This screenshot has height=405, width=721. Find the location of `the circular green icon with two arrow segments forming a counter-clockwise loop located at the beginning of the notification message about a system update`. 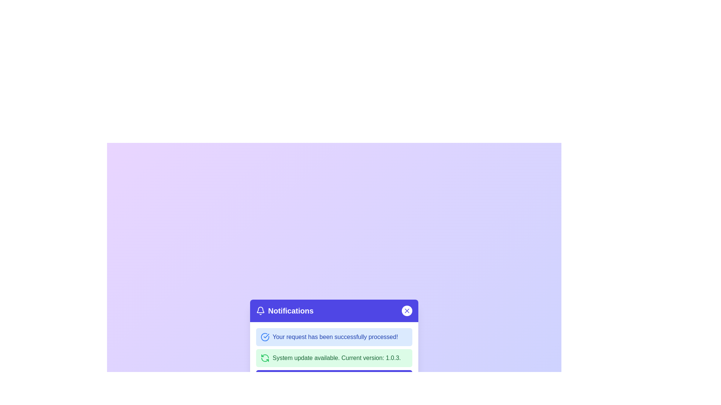

the circular green icon with two arrow segments forming a counter-clockwise loop located at the beginning of the notification message about a system update is located at coordinates (265, 358).